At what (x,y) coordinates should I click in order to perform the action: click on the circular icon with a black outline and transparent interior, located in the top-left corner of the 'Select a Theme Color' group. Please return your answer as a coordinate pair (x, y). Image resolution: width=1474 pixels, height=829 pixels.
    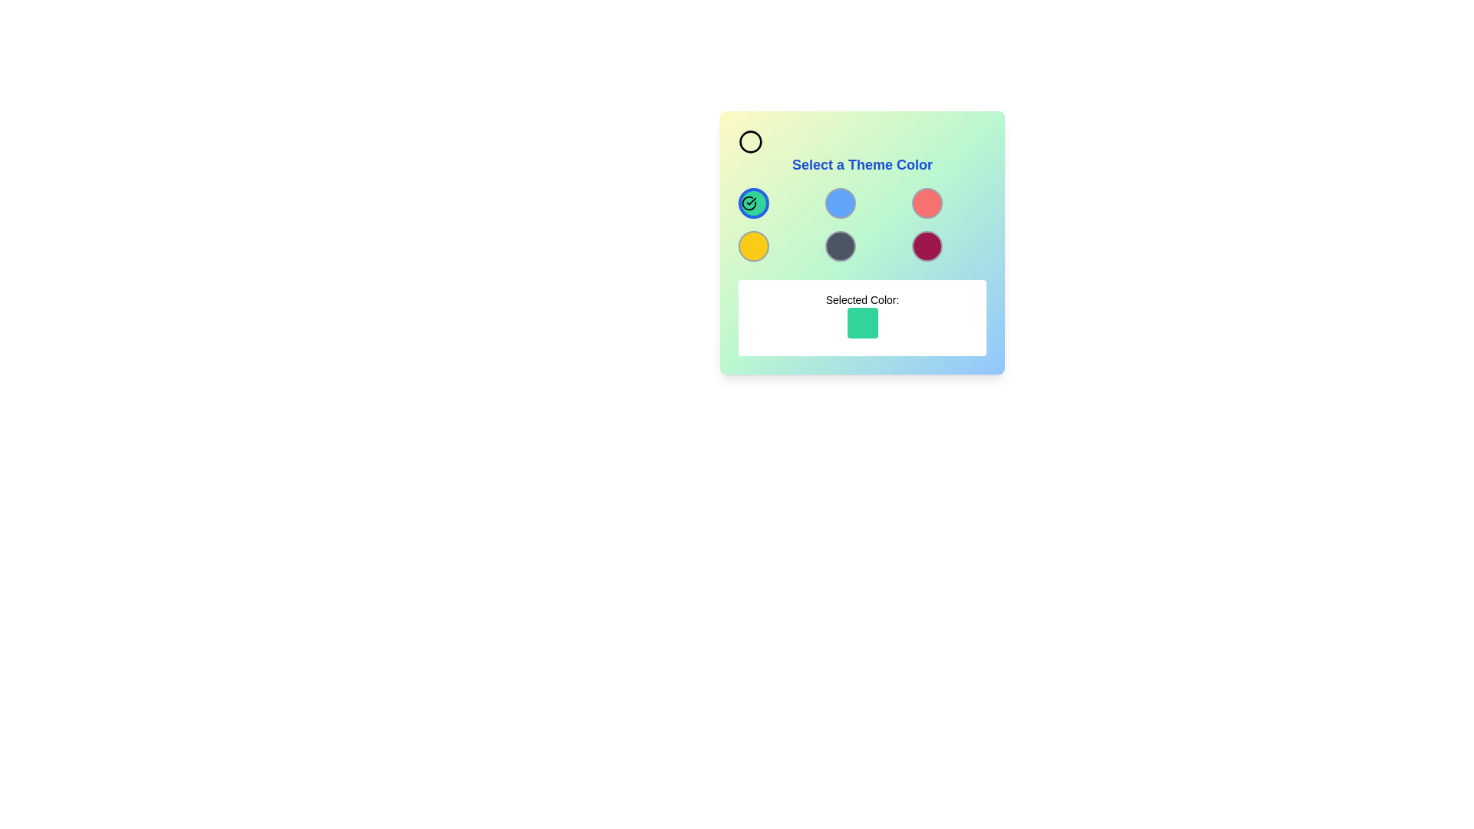
    Looking at the image, I should click on (751, 142).